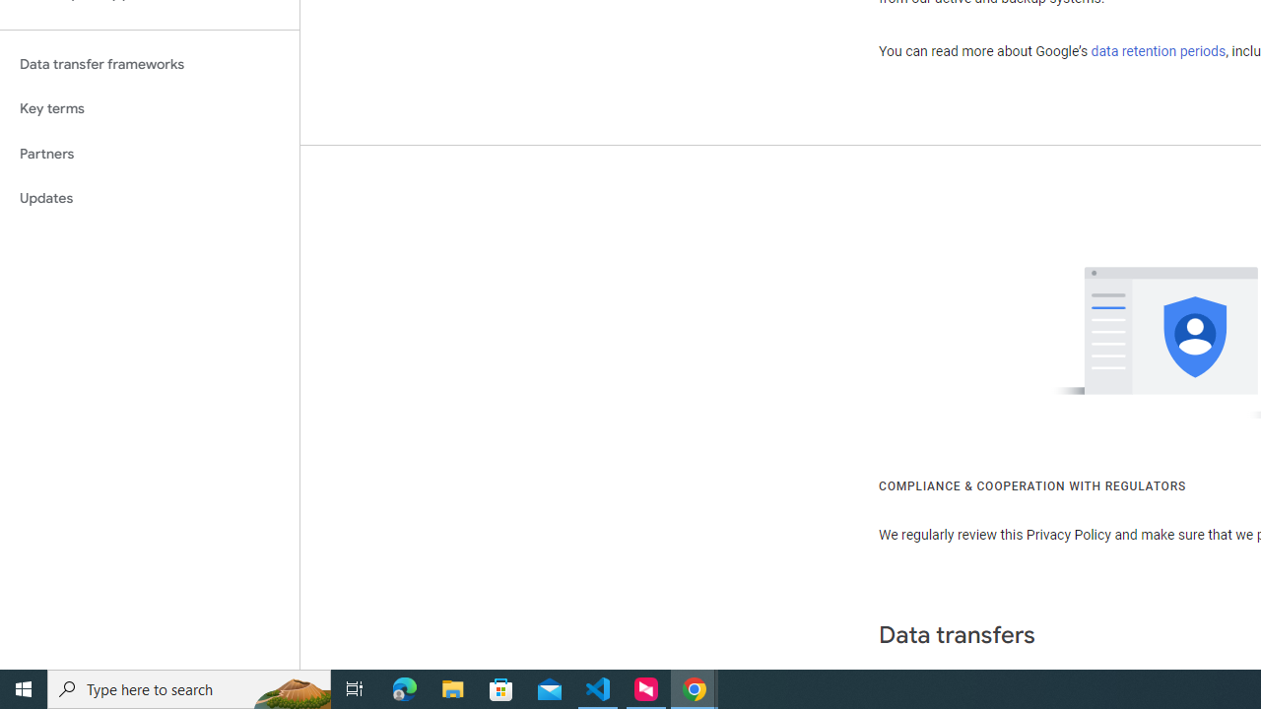 Image resolution: width=1261 pixels, height=709 pixels. Describe the element at coordinates (1159, 50) in the screenshot. I see `'data retention periods'` at that location.